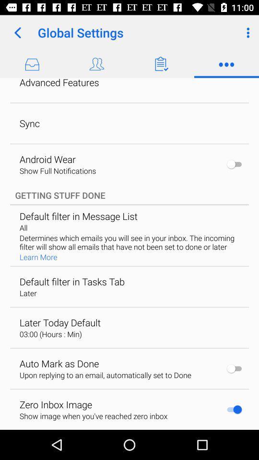  I want to click on the android wear, so click(47, 159).